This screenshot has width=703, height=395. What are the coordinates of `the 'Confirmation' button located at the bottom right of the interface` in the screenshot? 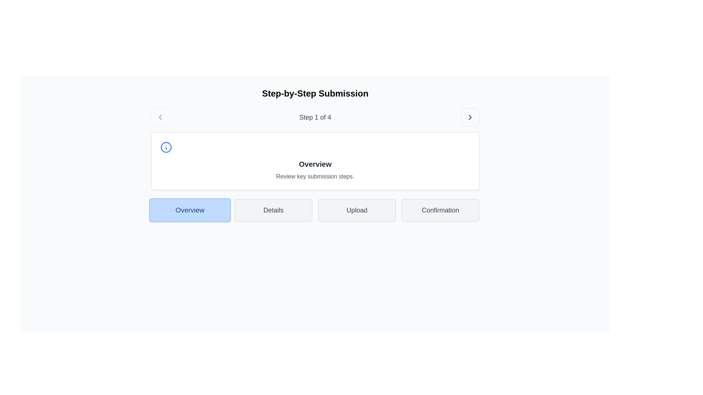 It's located at (440, 210).